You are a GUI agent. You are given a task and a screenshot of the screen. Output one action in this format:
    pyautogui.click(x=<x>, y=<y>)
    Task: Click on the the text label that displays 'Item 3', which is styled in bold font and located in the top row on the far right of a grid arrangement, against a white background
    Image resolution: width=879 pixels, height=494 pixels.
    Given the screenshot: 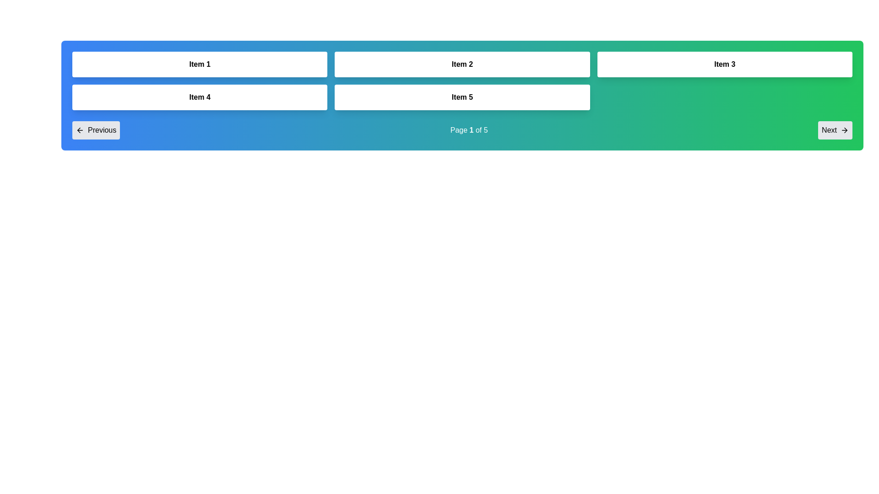 What is the action you would take?
    pyautogui.click(x=724, y=64)
    